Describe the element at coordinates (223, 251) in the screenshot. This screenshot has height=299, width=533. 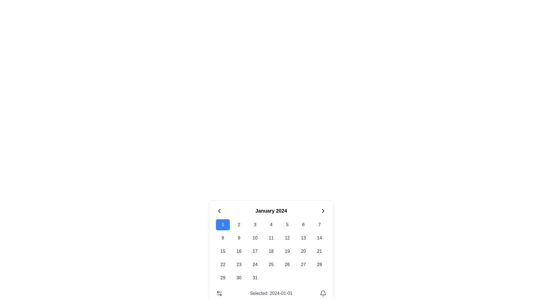
I see `the calendar date button displaying '15' in gray font` at that location.